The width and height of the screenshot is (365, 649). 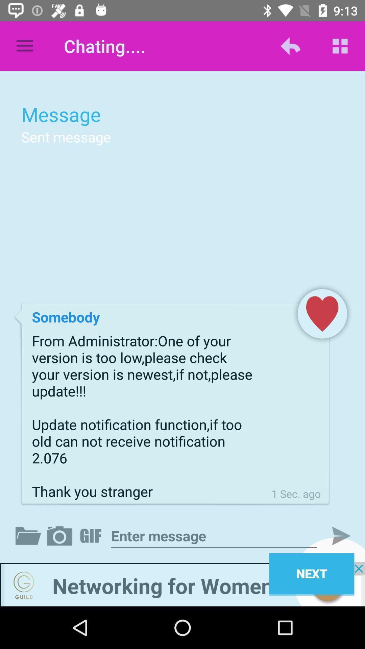 What do you see at coordinates (335, 535) in the screenshot?
I see `send message` at bounding box center [335, 535].